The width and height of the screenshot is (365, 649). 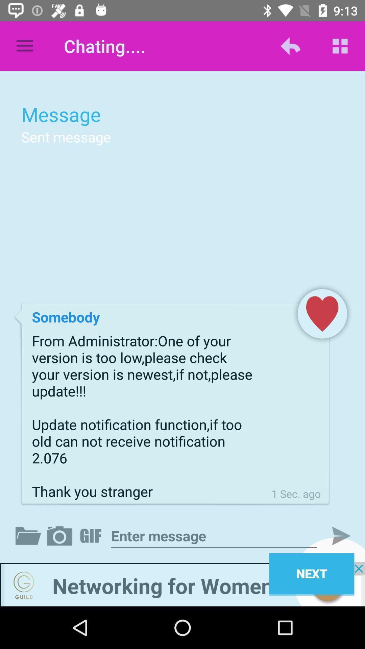 What do you see at coordinates (335, 535) in the screenshot?
I see `send message` at bounding box center [335, 535].